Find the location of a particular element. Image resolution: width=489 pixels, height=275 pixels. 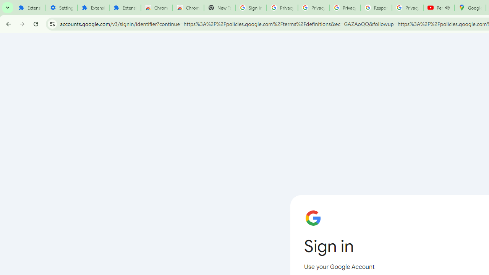

'New Tab' is located at coordinates (219, 8).